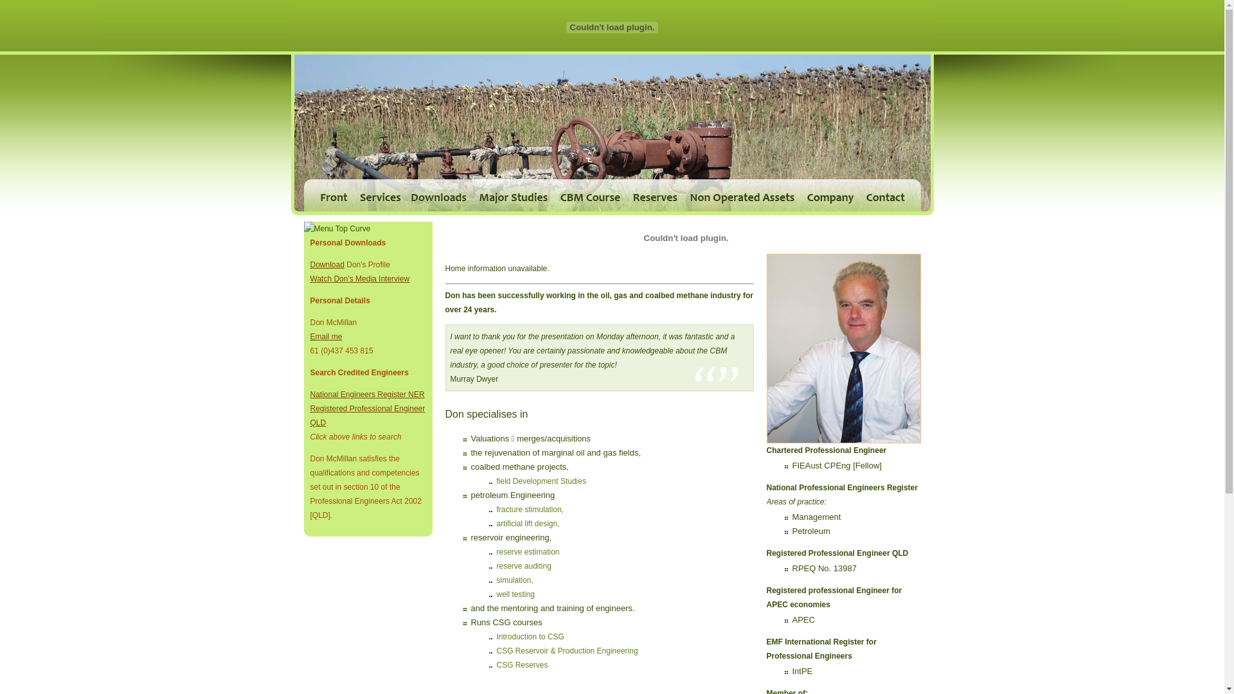 This screenshot has width=1234, height=694. What do you see at coordinates (379, 195) in the screenshot?
I see `'services'` at bounding box center [379, 195].